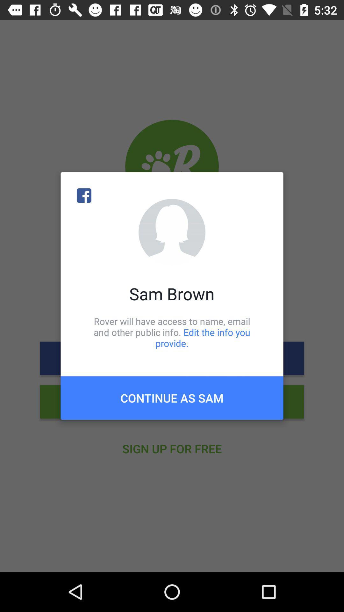 This screenshot has height=612, width=344. Describe the element at coordinates (172, 332) in the screenshot. I see `item above the continue as sam item` at that location.